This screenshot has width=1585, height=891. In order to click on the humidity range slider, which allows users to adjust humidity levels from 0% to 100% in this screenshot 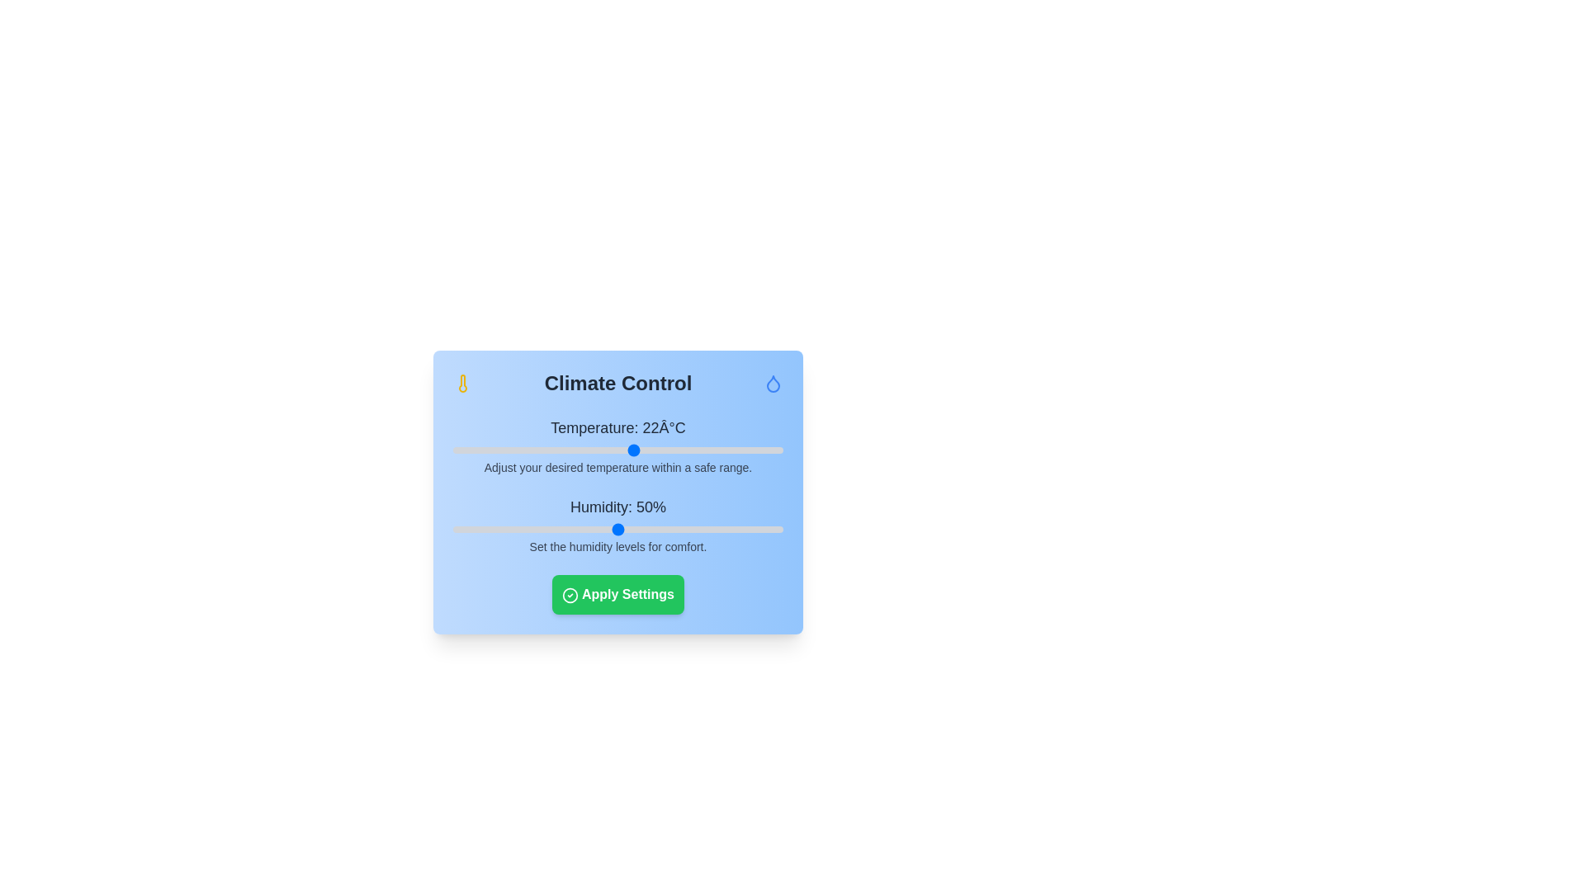, I will do `click(617, 529)`.